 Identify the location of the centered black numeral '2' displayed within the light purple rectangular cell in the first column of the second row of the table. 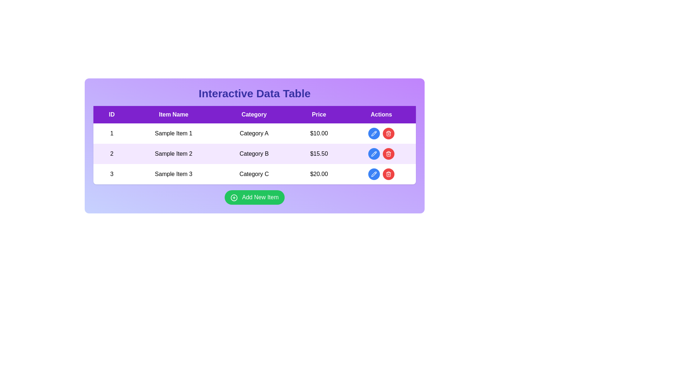
(111, 154).